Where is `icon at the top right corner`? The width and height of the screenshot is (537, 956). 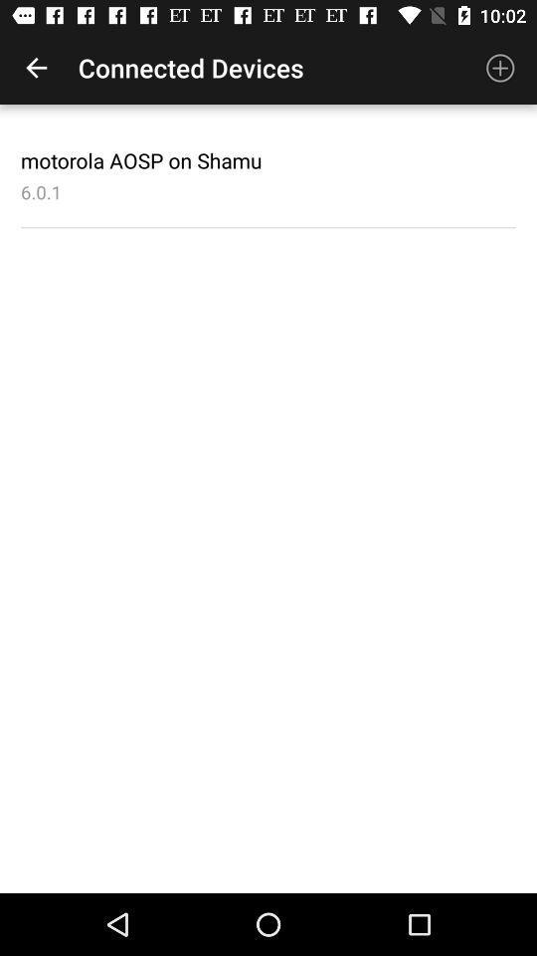 icon at the top right corner is located at coordinates (499, 68).